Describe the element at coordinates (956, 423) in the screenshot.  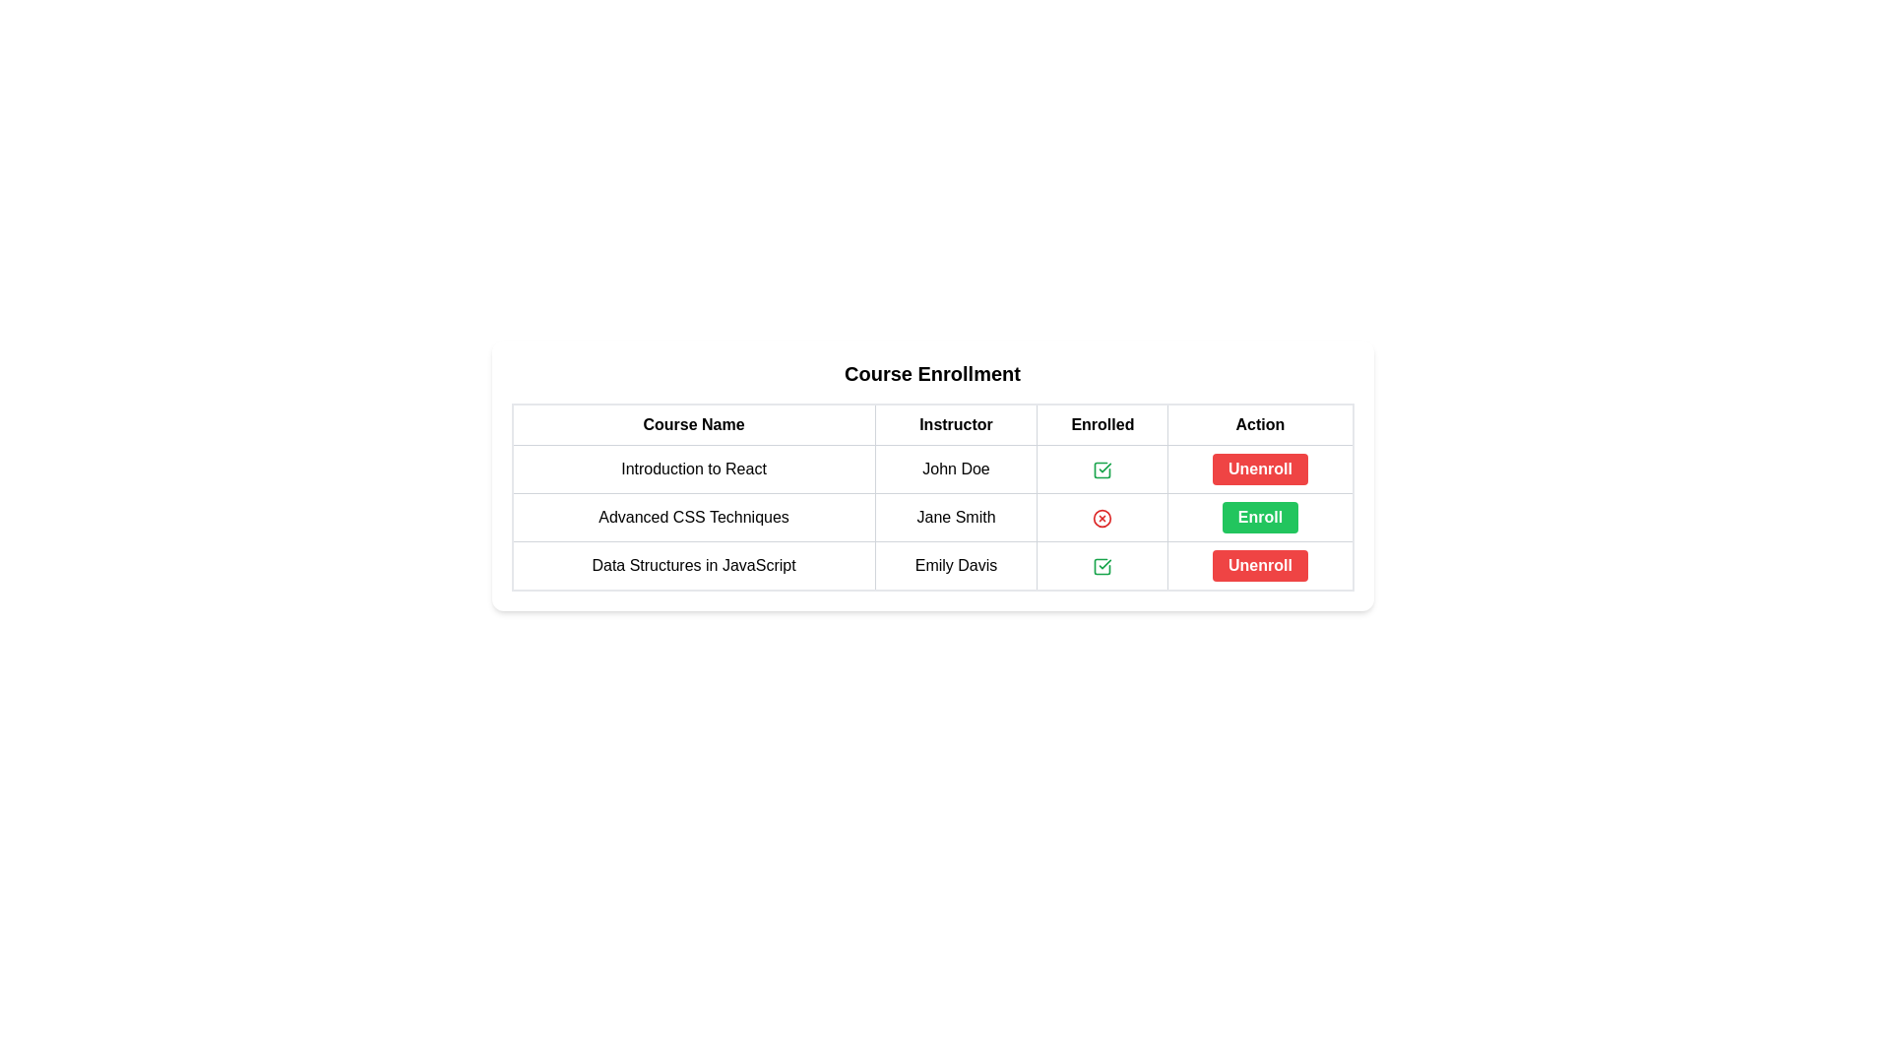
I see `the second column header in the table that indicates data related to instructors, located between 'Course Name' and 'Enrolled'` at that location.